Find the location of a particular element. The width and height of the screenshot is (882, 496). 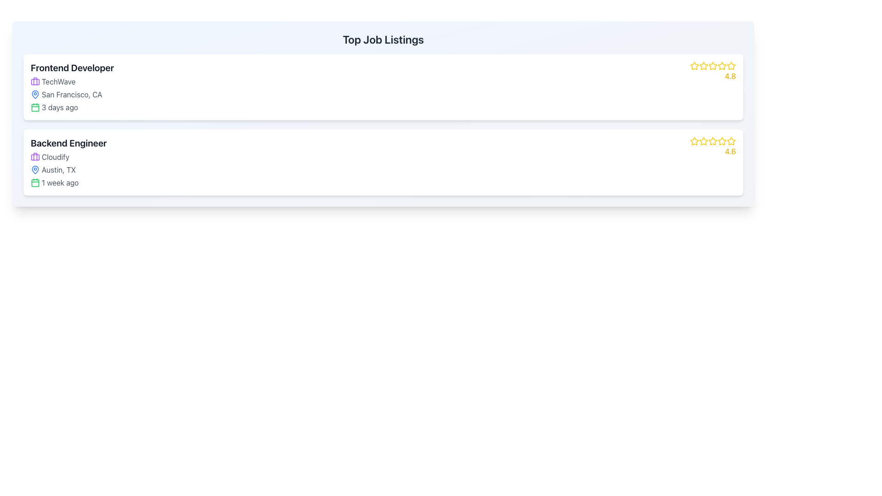

the Location display element indicating the geographical location associated with the job posting for the Frontend Developer position is located at coordinates (72, 94).